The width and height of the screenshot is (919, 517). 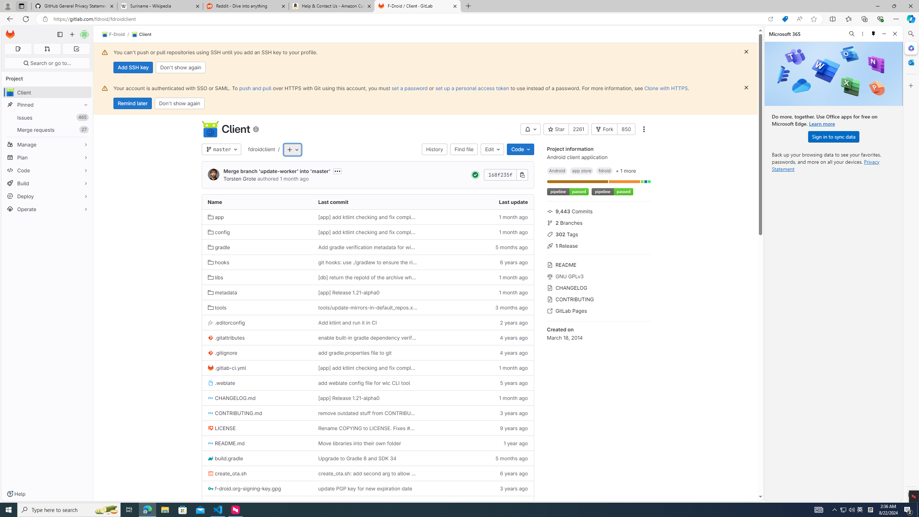 What do you see at coordinates (47, 209) in the screenshot?
I see `'Operate'` at bounding box center [47, 209].